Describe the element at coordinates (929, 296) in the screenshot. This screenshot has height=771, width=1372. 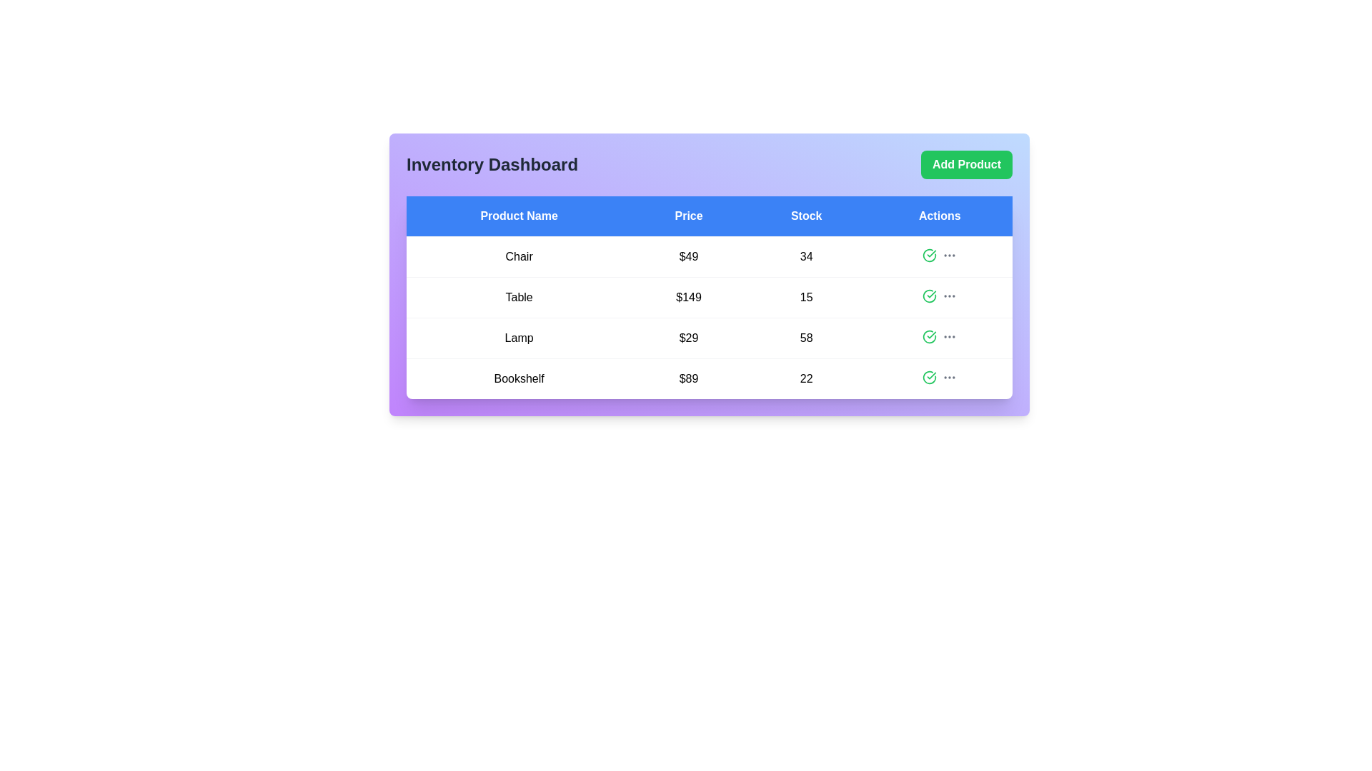
I see `the action icon for the Table row` at that location.